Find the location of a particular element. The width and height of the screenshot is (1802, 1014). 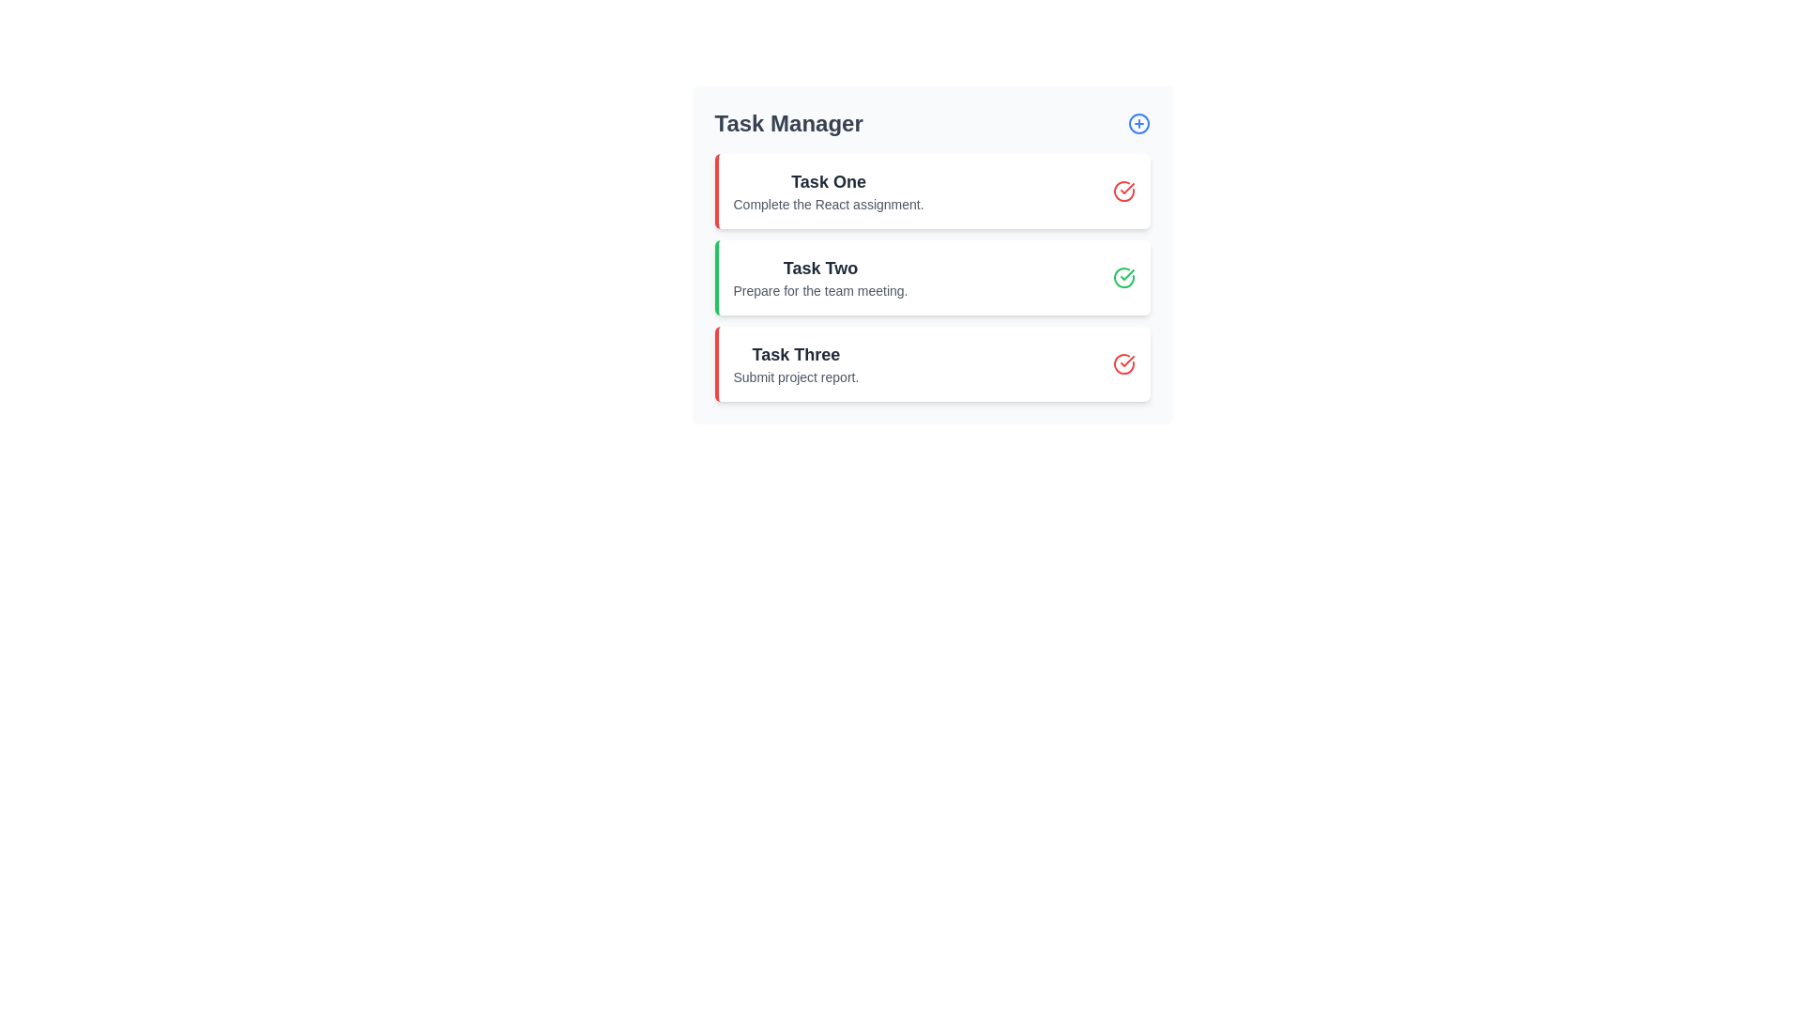

the text label providing details for the task named 'Task One', which is positioned just below the title within a task card layout is located at coordinates (828, 205).